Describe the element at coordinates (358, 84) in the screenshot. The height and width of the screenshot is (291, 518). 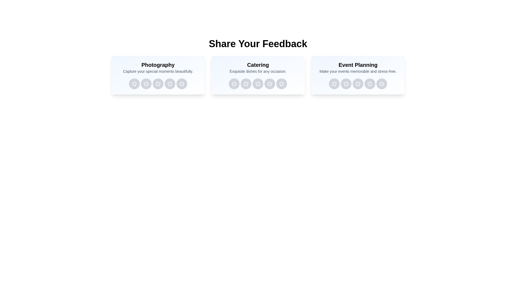
I see `the rating button for Event Planning service with 3 stars` at that location.